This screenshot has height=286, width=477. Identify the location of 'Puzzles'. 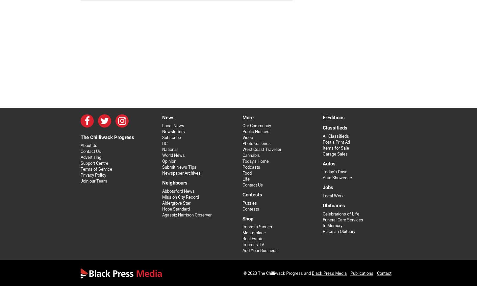
(249, 203).